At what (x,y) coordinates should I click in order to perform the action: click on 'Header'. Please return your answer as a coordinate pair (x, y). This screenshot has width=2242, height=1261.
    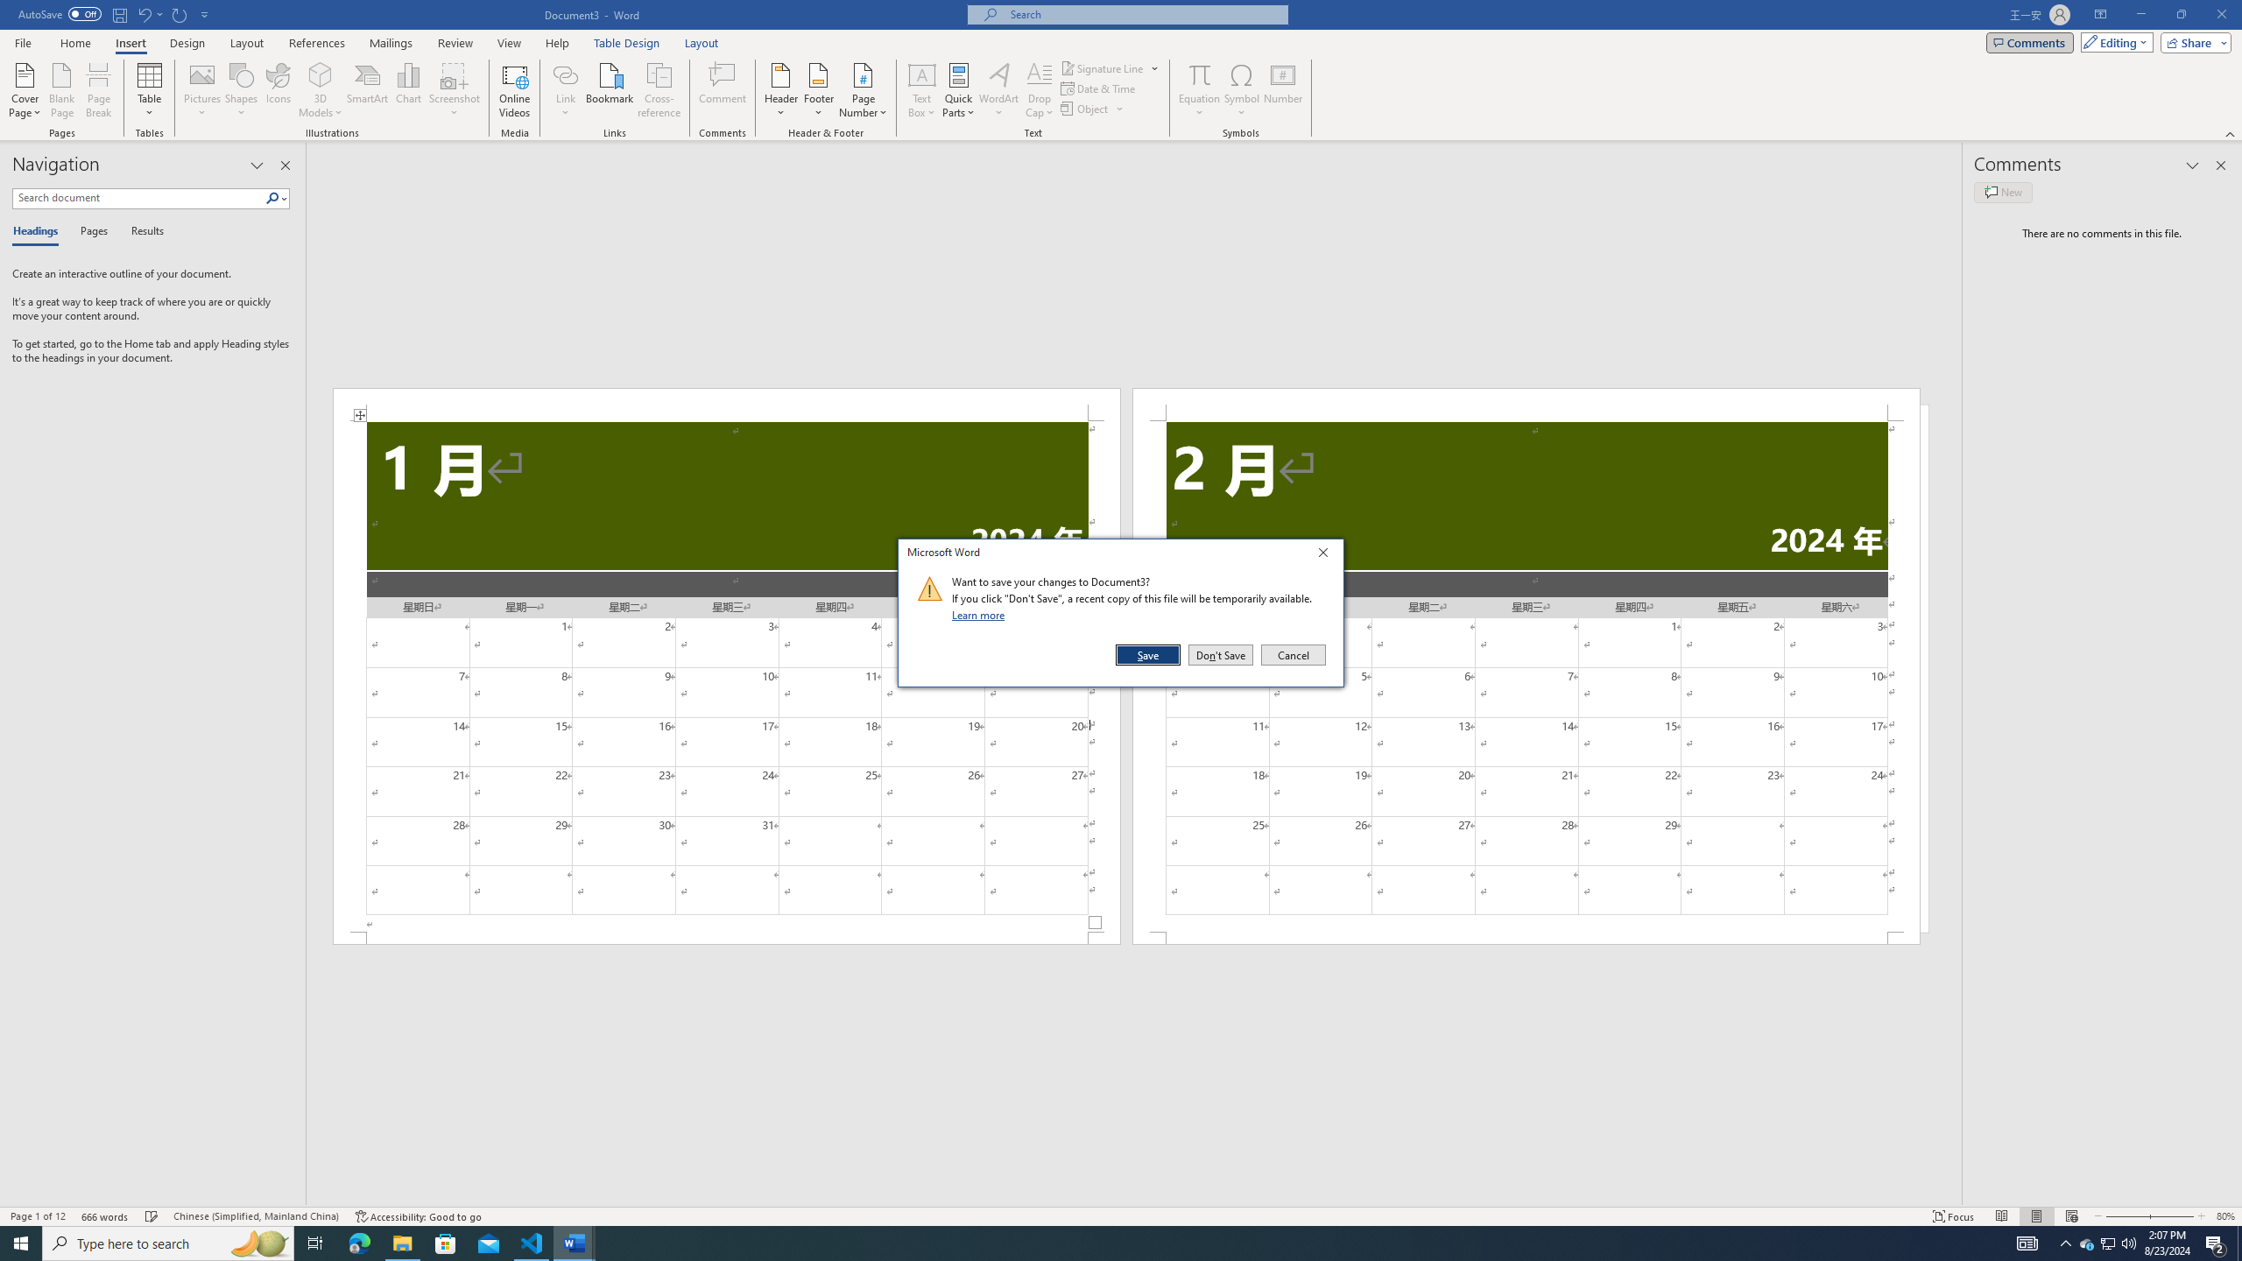
    Looking at the image, I should click on (781, 90).